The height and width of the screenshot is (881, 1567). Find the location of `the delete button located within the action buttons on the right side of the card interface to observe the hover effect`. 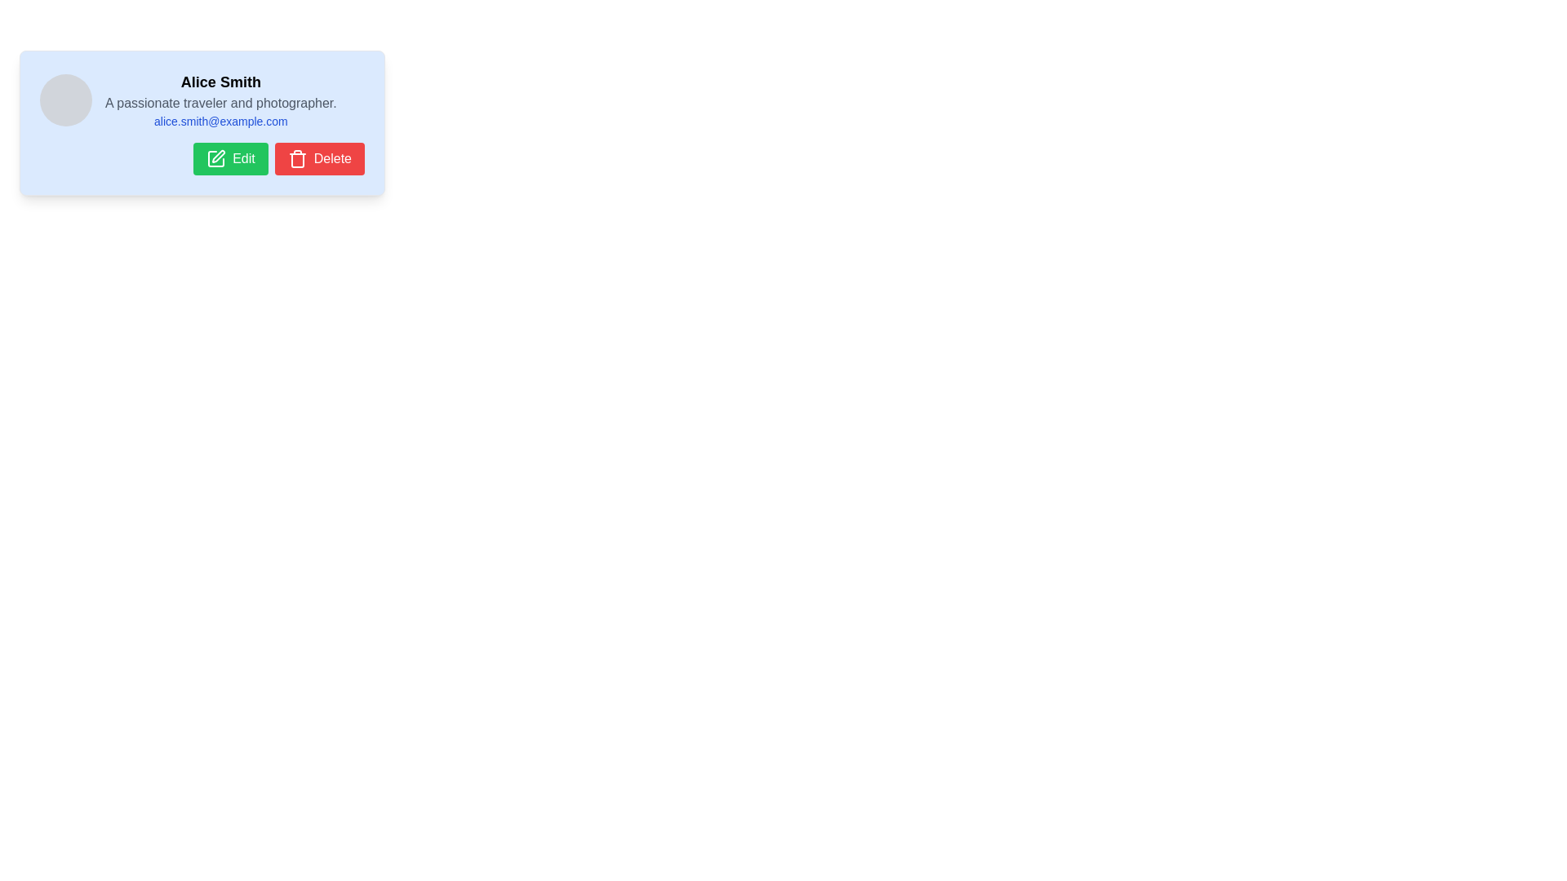

the delete button located within the action buttons on the right side of the card interface to observe the hover effect is located at coordinates (319, 159).